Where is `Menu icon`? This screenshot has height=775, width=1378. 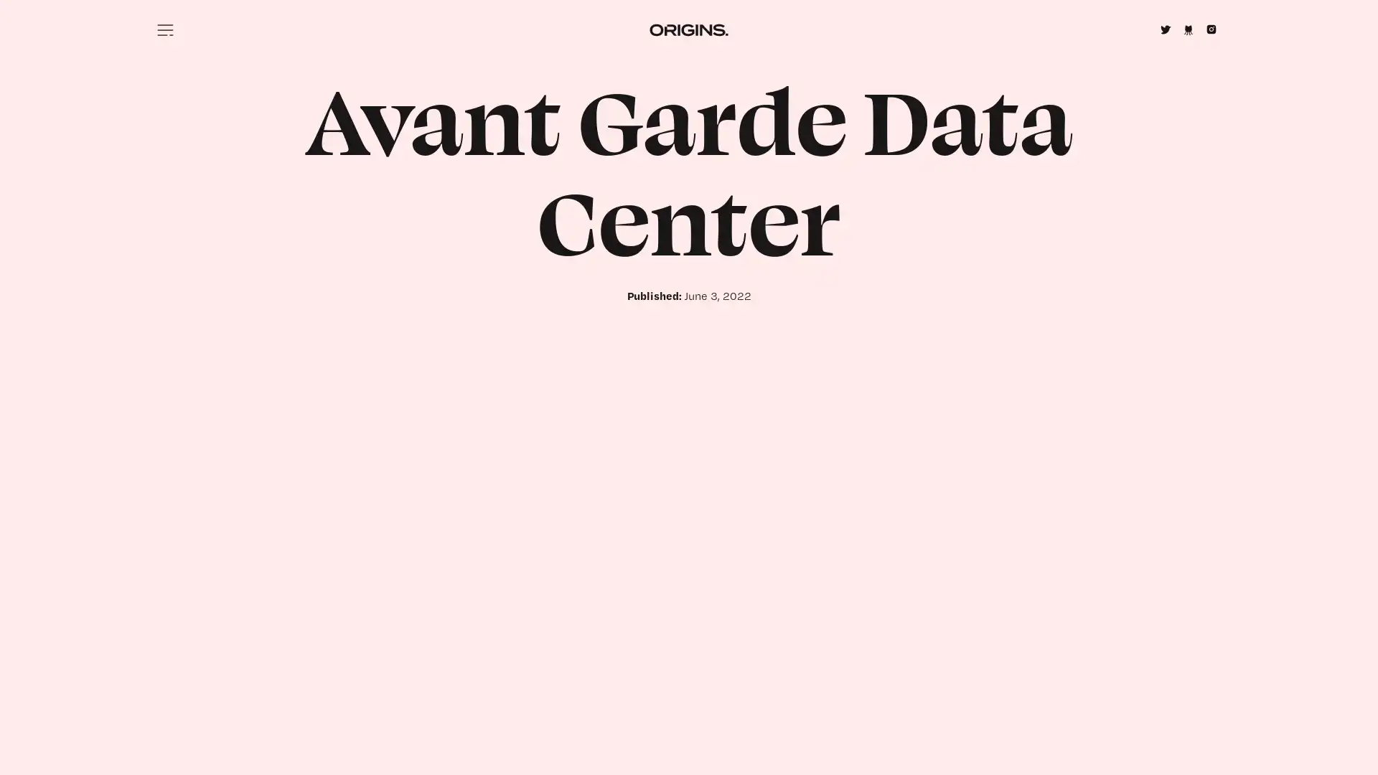
Menu icon is located at coordinates (165, 30).